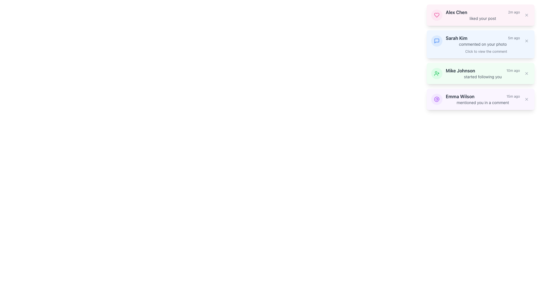 The width and height of the screenshot is (539, 303). Describe the element at coordinates (526, 15) in the screenshot. I see `the Close button located at the top-right corner of the notification card that dismisses the notification associated with 'Alex Chen.'` at that location.